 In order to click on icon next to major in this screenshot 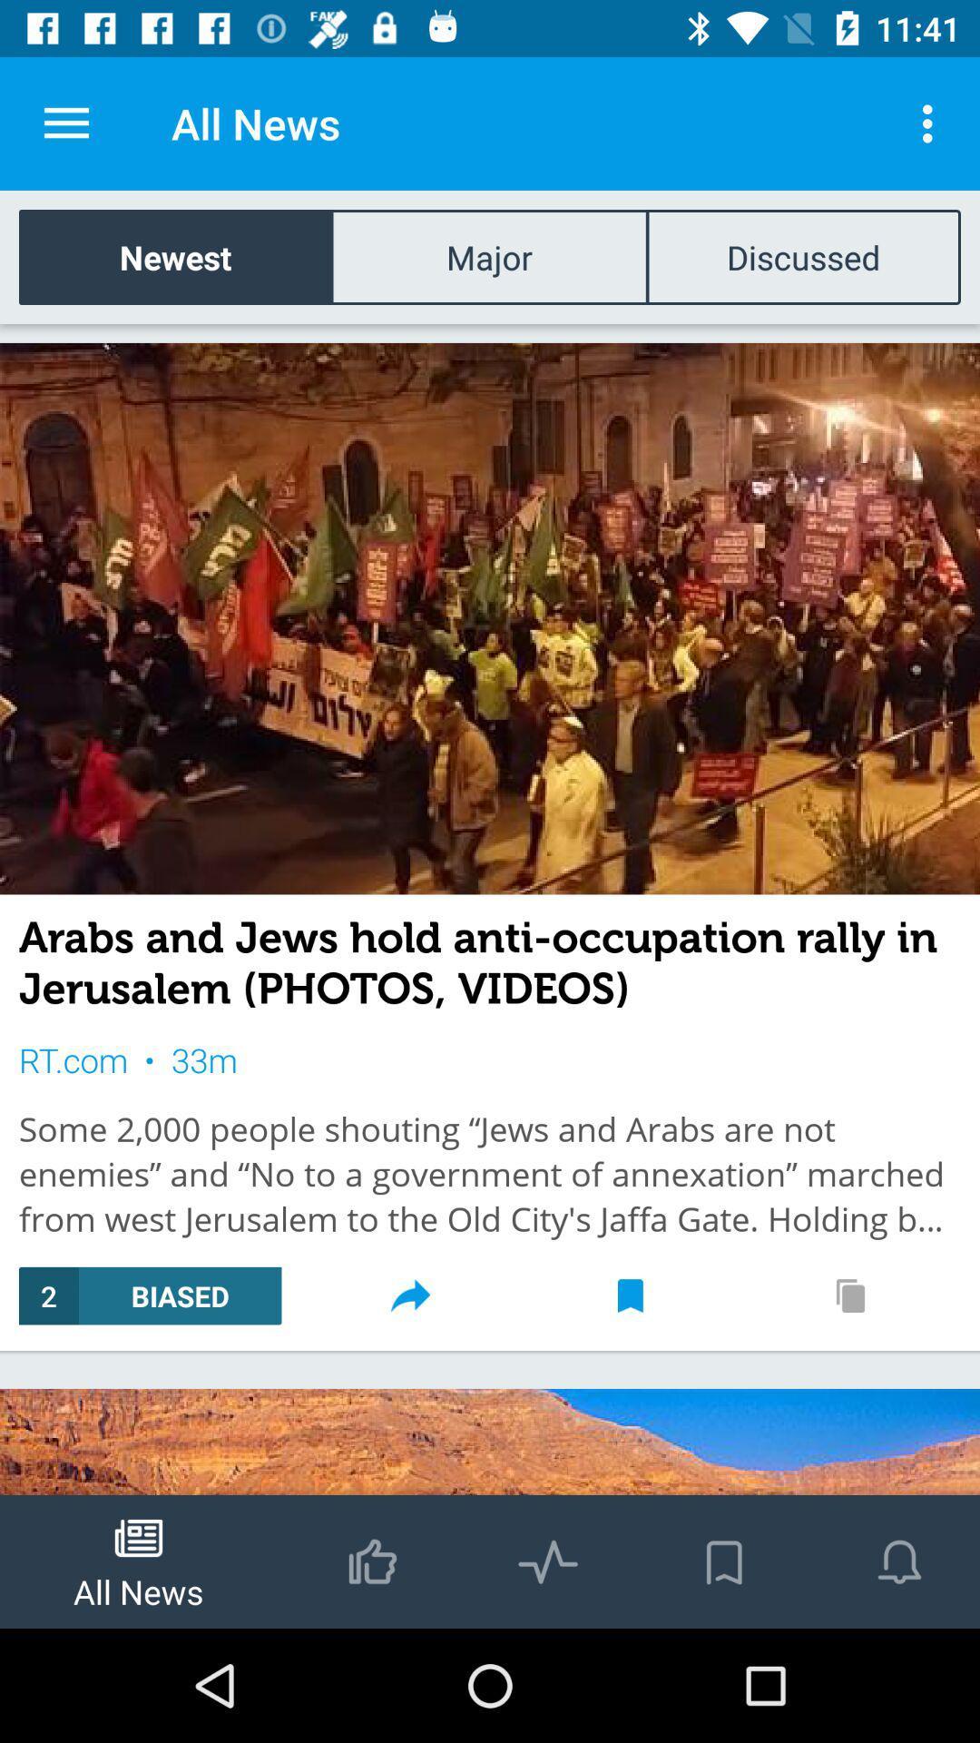, I will do `click(802, 256)`.